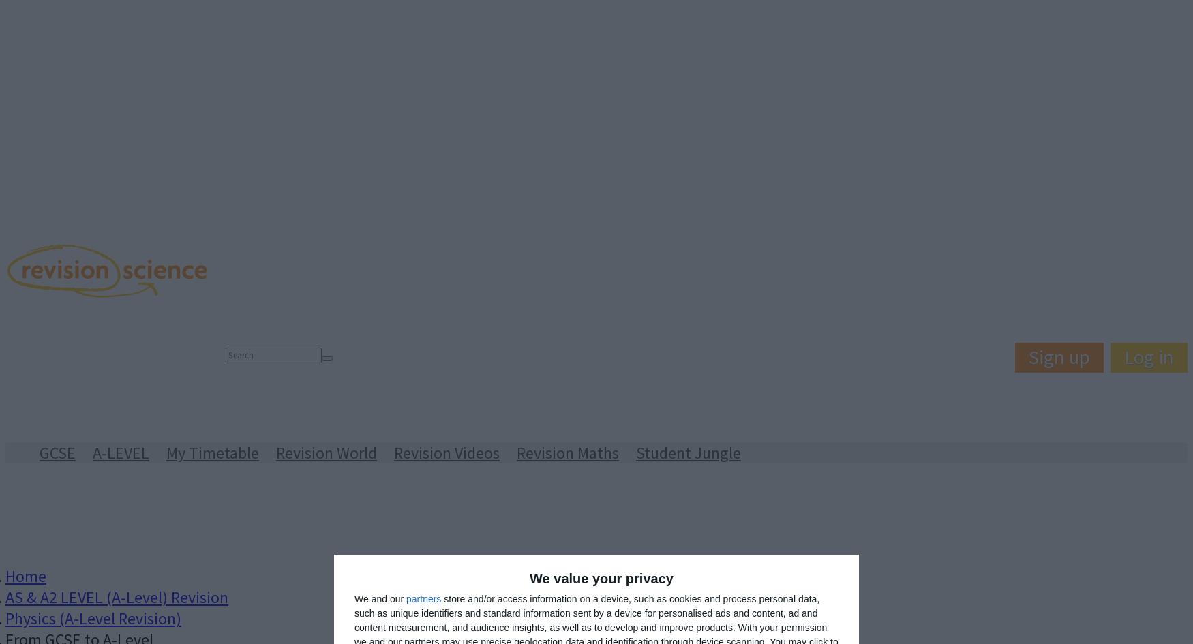 This screenshot has height=644, width=1193. I want to click on 'Home', so click(5, 576).